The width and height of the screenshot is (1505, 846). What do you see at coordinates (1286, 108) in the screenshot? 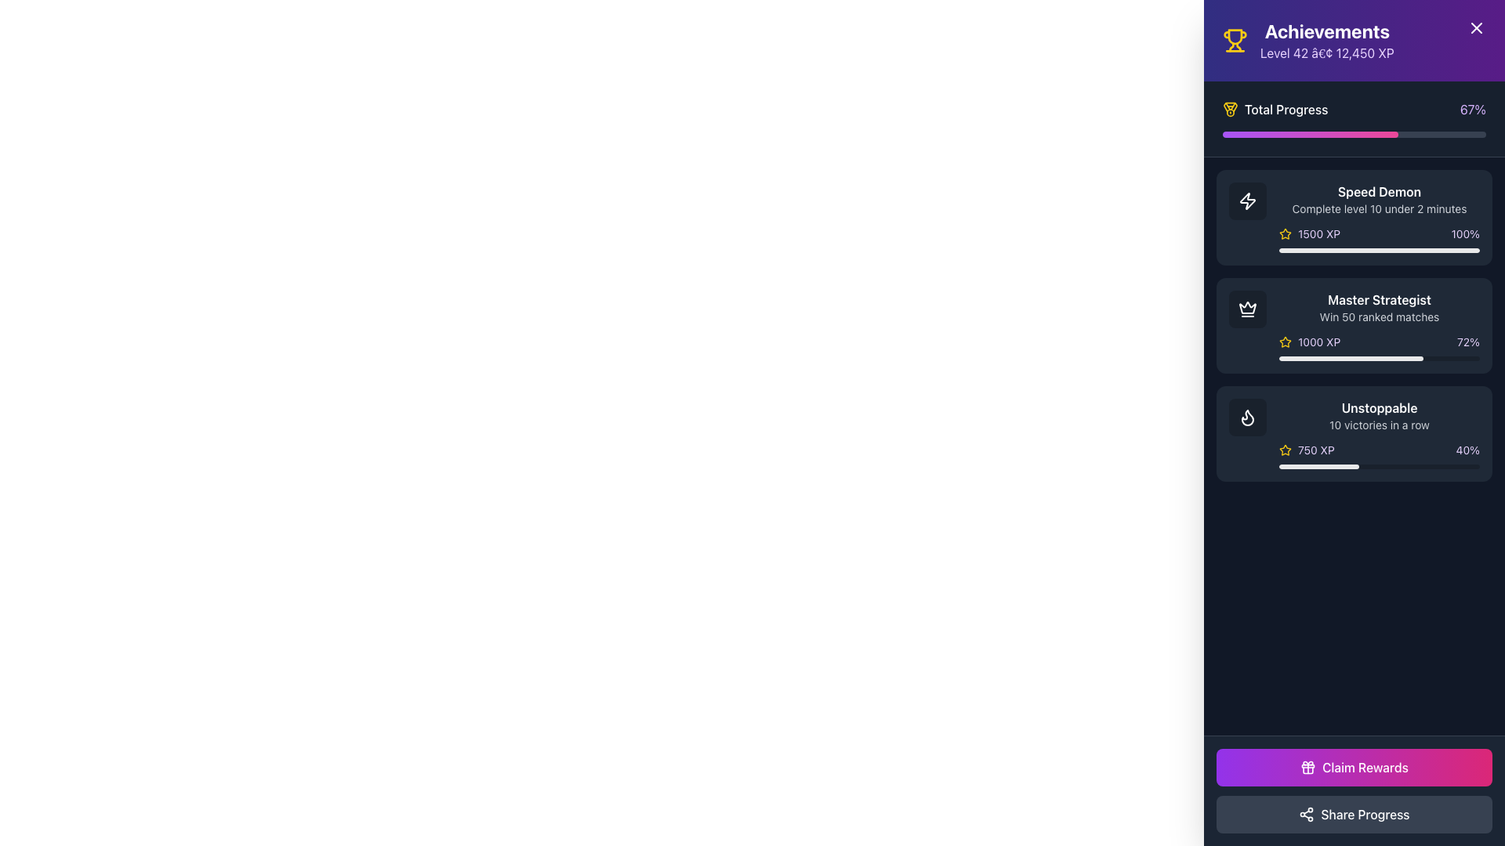
I see `the static text label that summarizes the user's overall achievement progression, located to the right of a small yellow medal icon under the 'Achievements' heading` at bounding box center [1286, 108].